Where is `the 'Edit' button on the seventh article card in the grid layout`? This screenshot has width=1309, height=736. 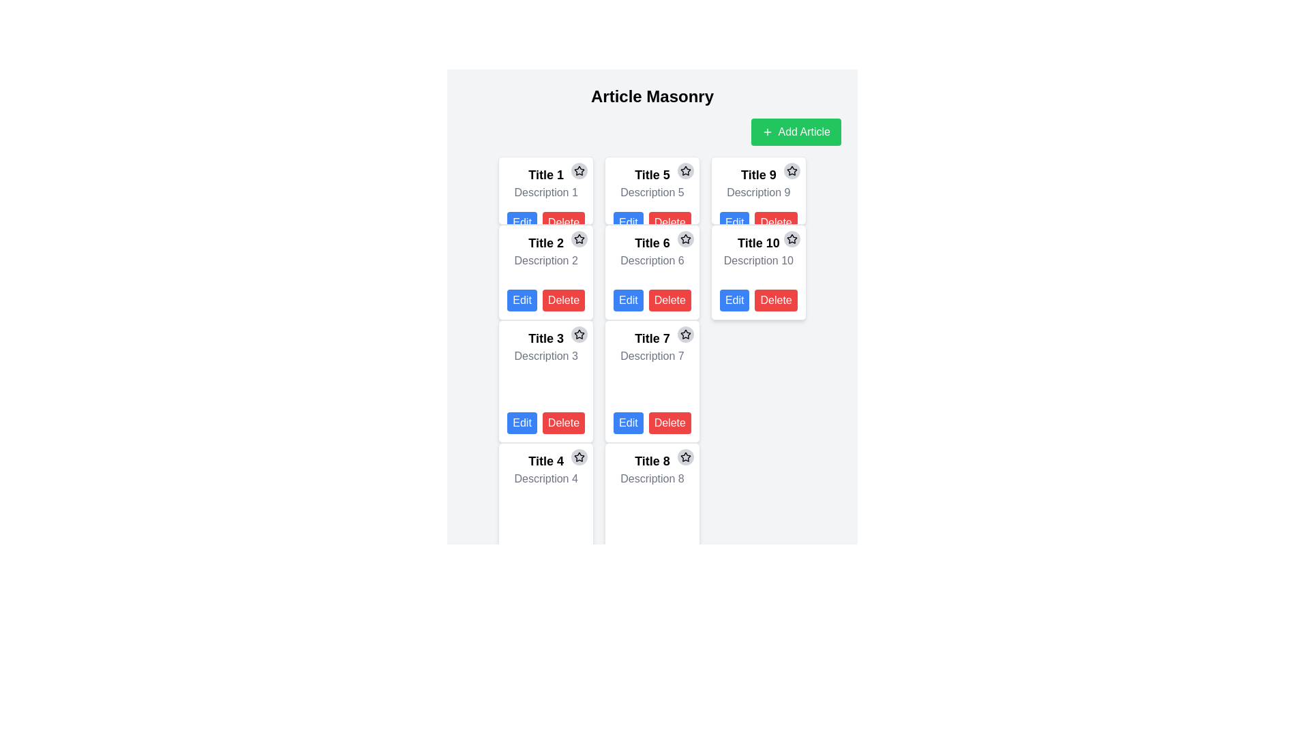
the 'Edit' button on the seventh article card in the grid layout is located at coordinates (651, 381).